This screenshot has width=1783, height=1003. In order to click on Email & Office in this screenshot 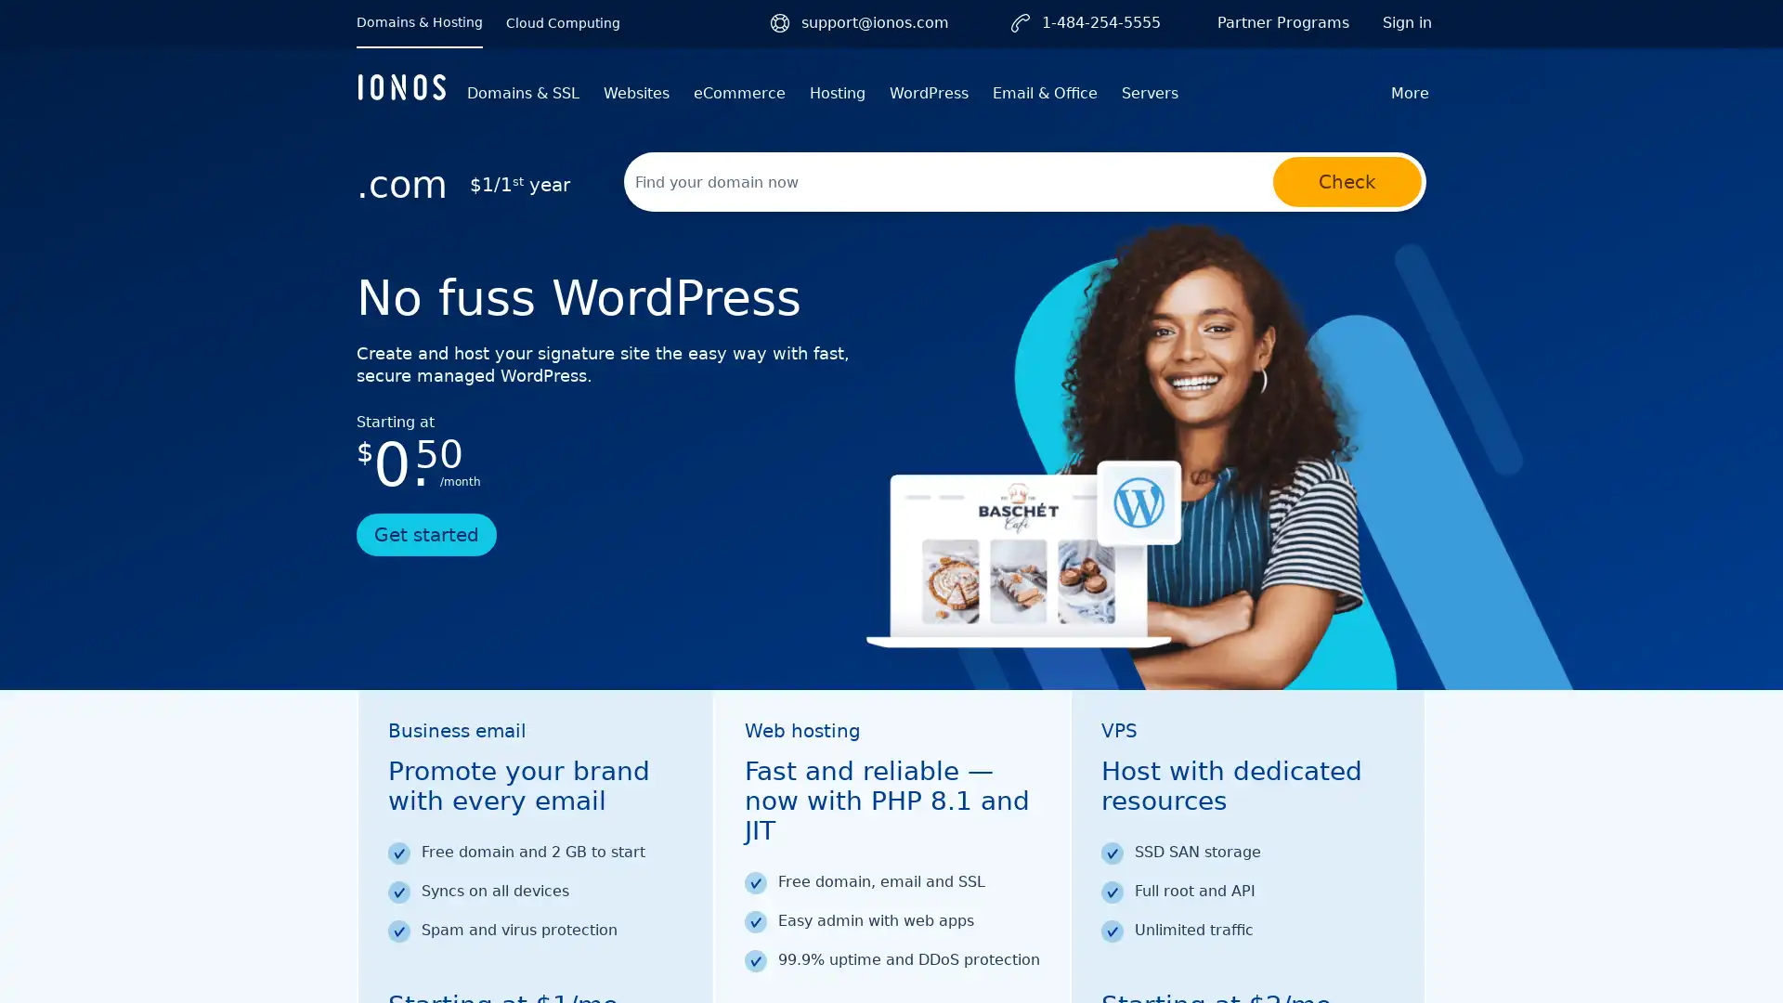, I will do `click(1045, 93)`.